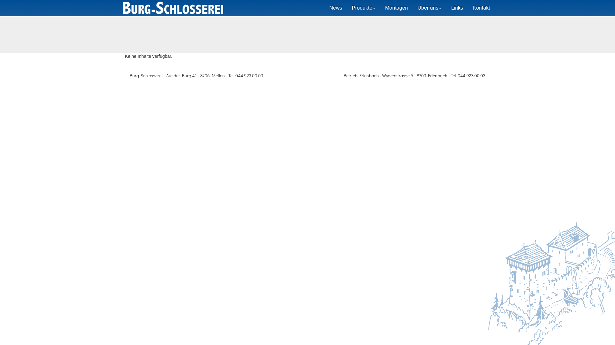  Describe the element at coordinates (335, 8) in the screenshot. I see `'News'` at that location.